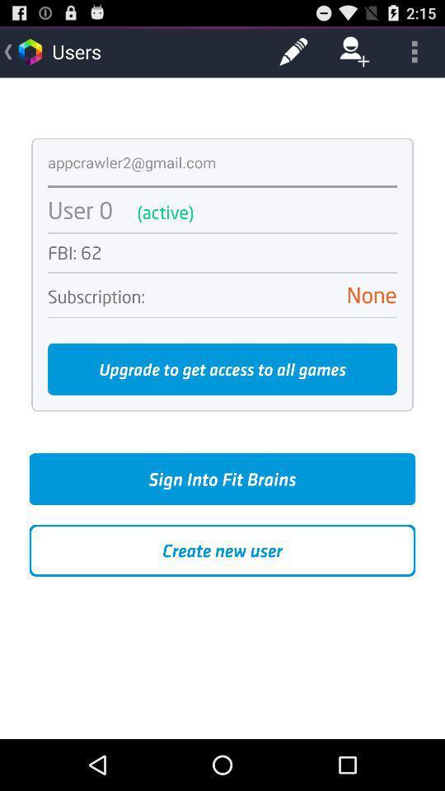  Describe the element at coordinates (275, 211) in the screenshot. I see `item to the right of user 0 item` at that location.